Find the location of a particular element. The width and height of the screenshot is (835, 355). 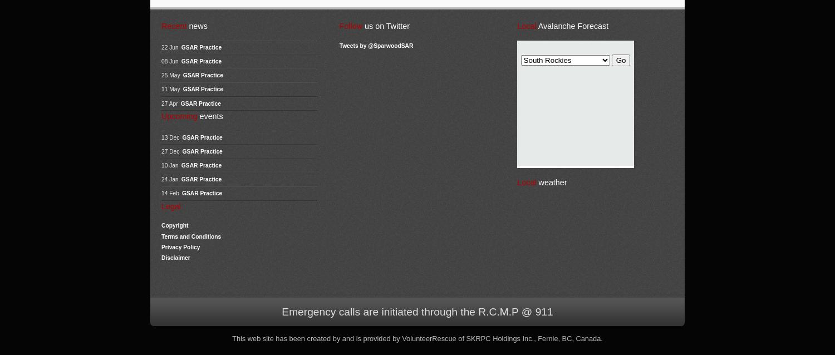

'11 May' is located at coordinates (170, 89).